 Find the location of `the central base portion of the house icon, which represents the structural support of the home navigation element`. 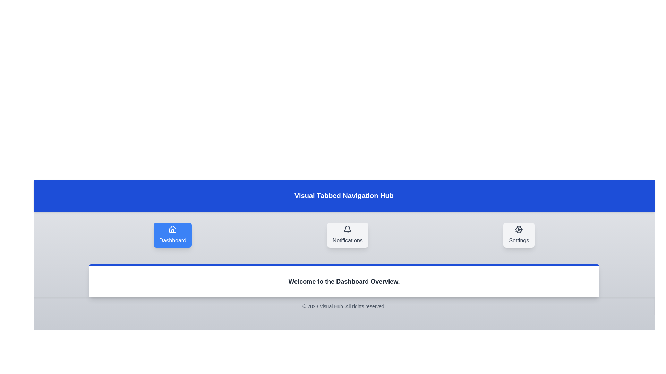

the central base portion of the house icon, which represents the structural support of the home navigation element is located at coordinates (172, 231).